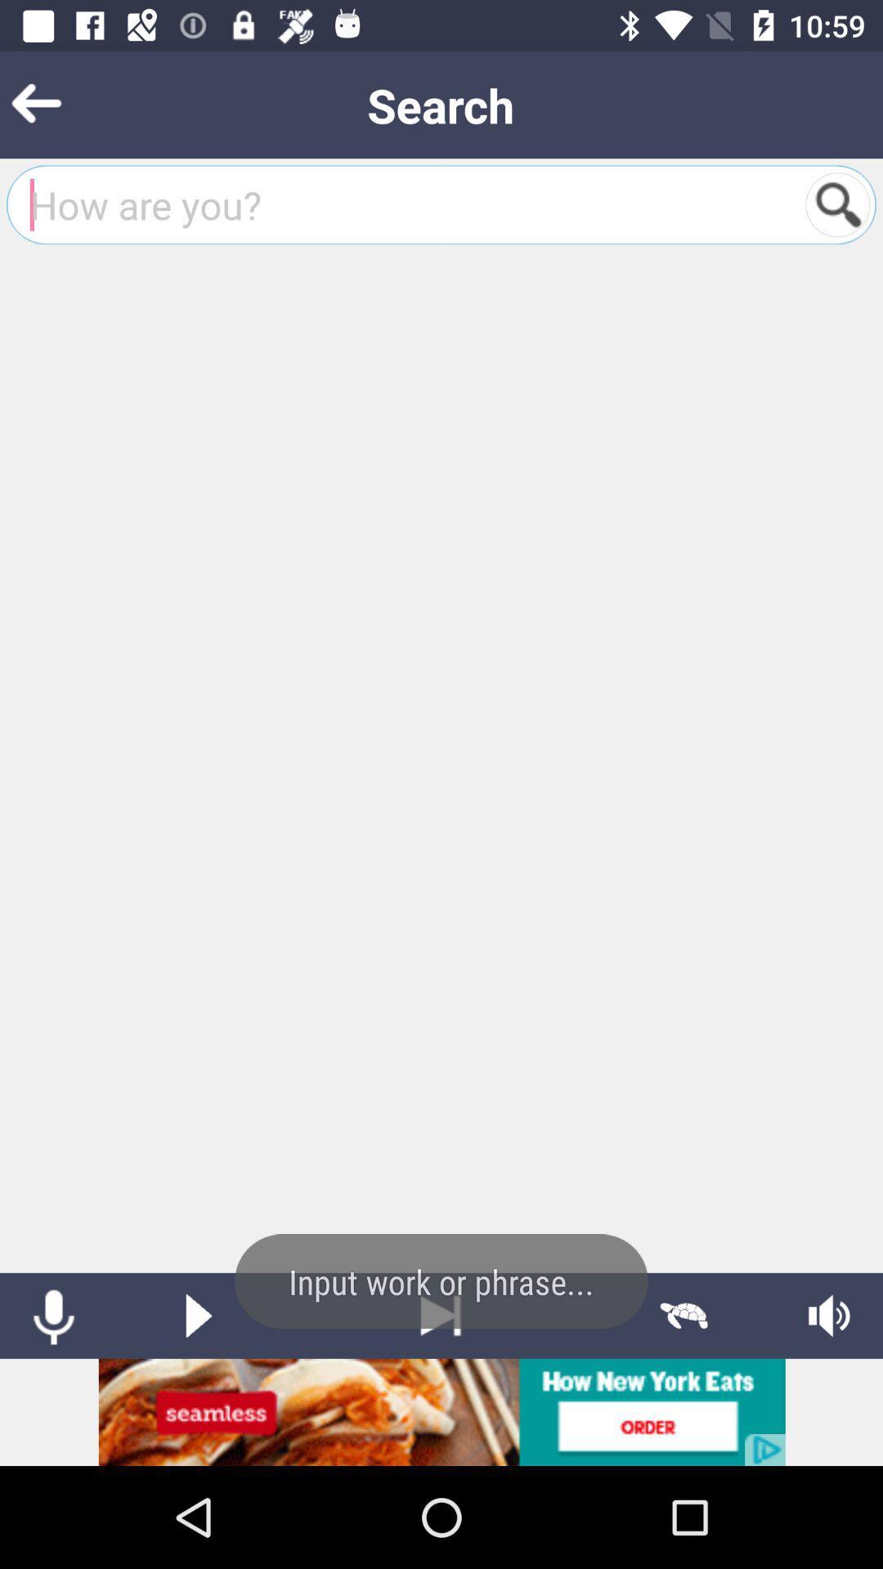  What do you see at coordinates (441, 1411) in the screenshot?
I see `banner` at bounding box center [441, 1411].